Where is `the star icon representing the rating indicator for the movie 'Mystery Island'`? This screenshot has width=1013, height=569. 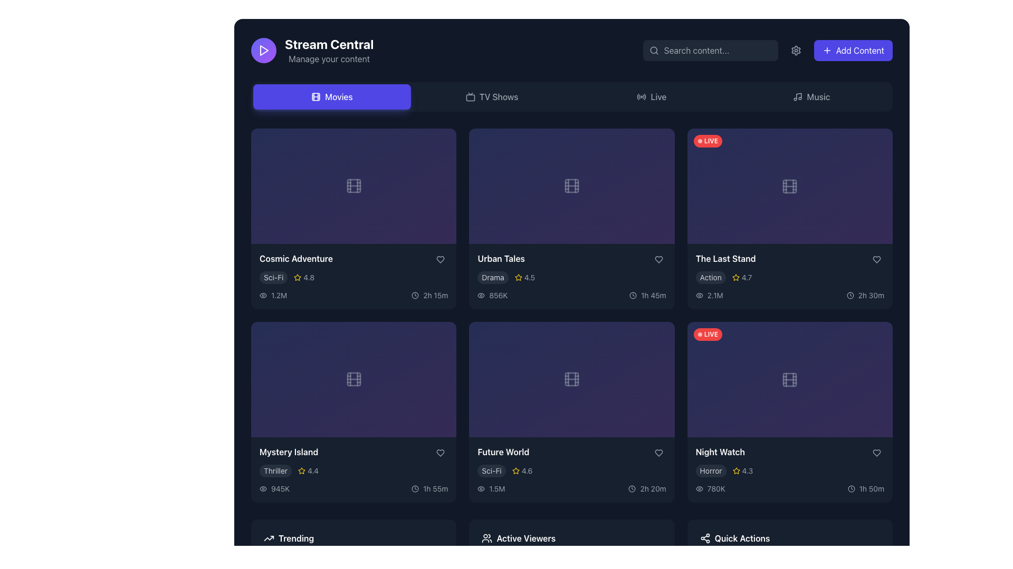 the star icon representing the rating indicator for the movie 'Mystery Island' is located at coordinates (297, 277).